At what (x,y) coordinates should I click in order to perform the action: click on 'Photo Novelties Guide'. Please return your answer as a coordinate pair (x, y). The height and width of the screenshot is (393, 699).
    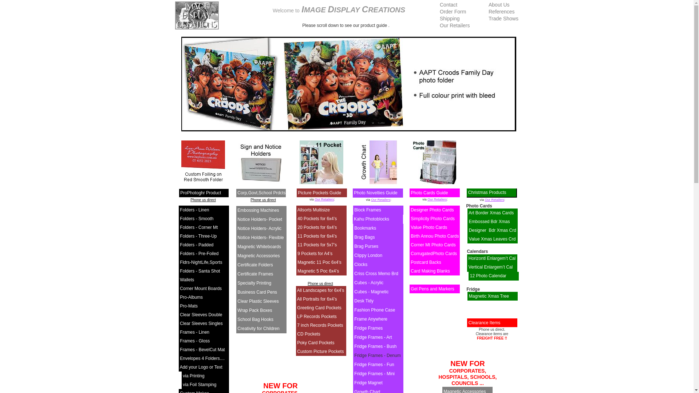
    Looking at the image, I should click on (375, 192).